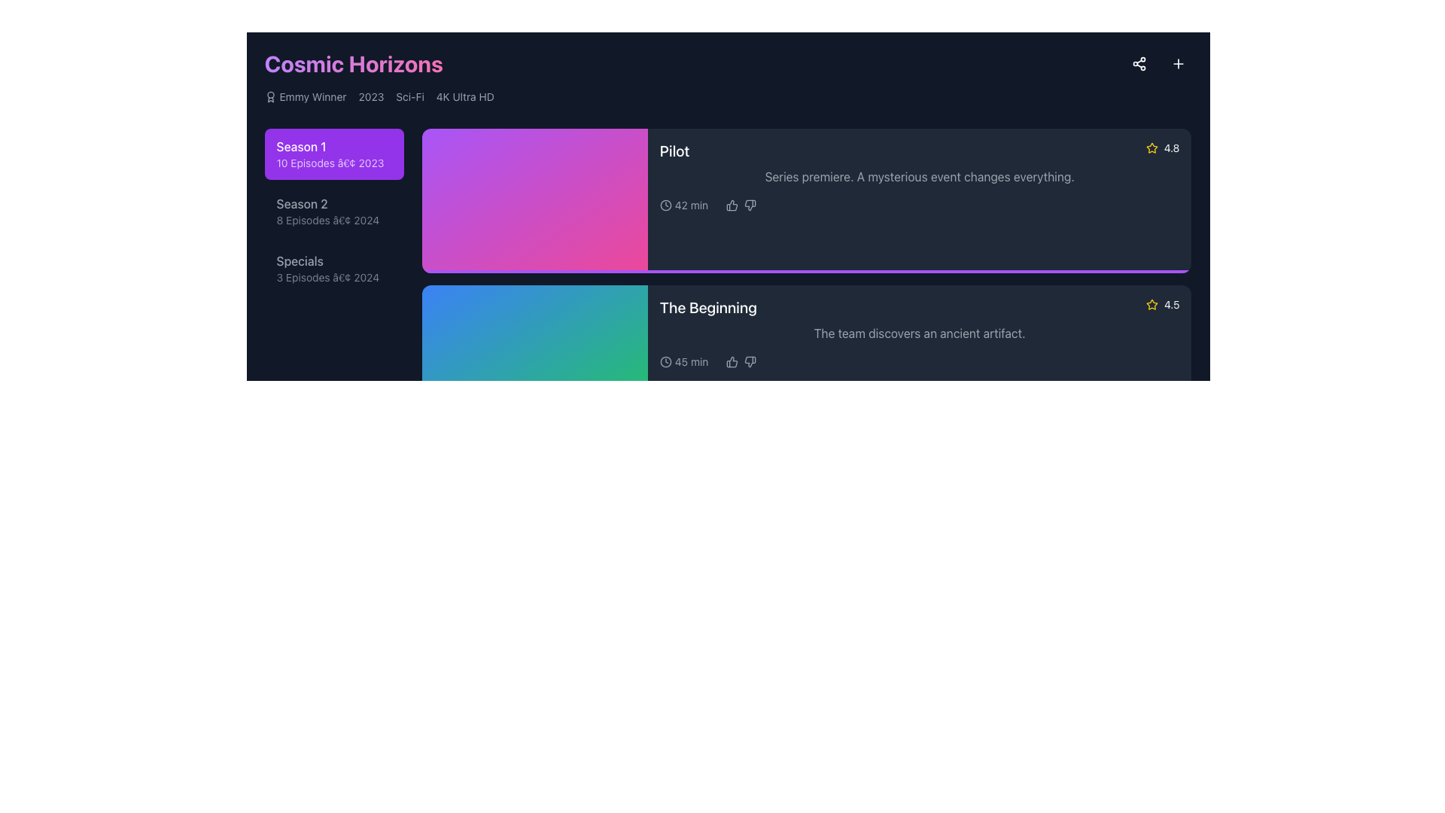 Image resolution: width=1445 pixels, height=813 pixels. Describe the element at coordinates (333, 154) in the screenshot. I see `the button with a bright purple background and white text that reads 'Season 1'` at that location.